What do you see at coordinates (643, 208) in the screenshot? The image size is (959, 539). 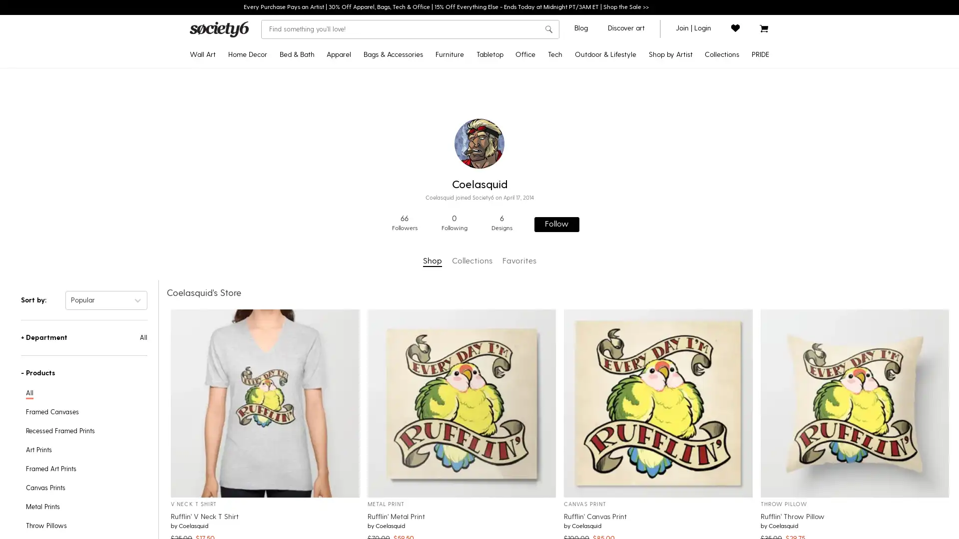 I see `Artist Holiday Series` at bounding box center [643, 208].